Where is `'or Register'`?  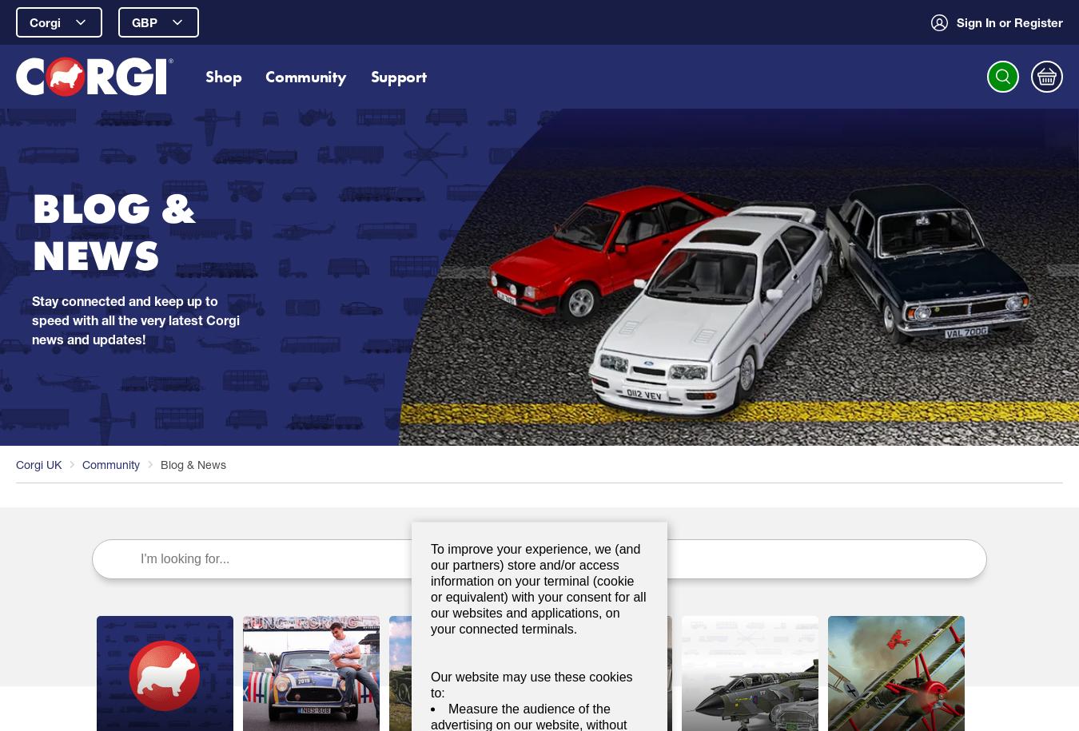 'or Register' is located at coordinates (998, 22).